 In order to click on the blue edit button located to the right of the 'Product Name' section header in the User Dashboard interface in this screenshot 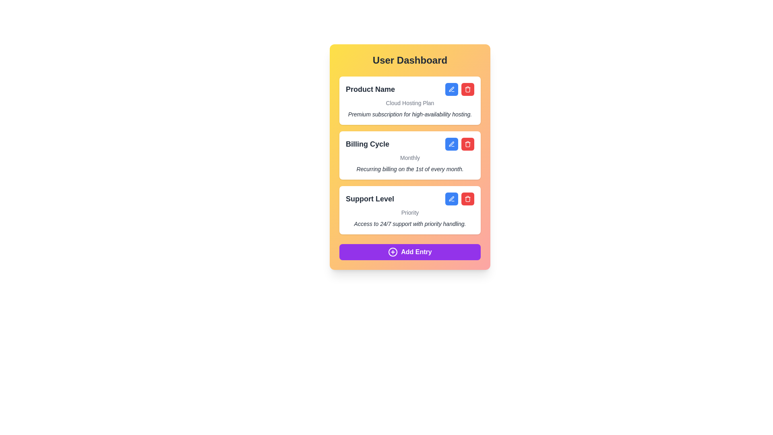, I will do `click(451, 89)`.